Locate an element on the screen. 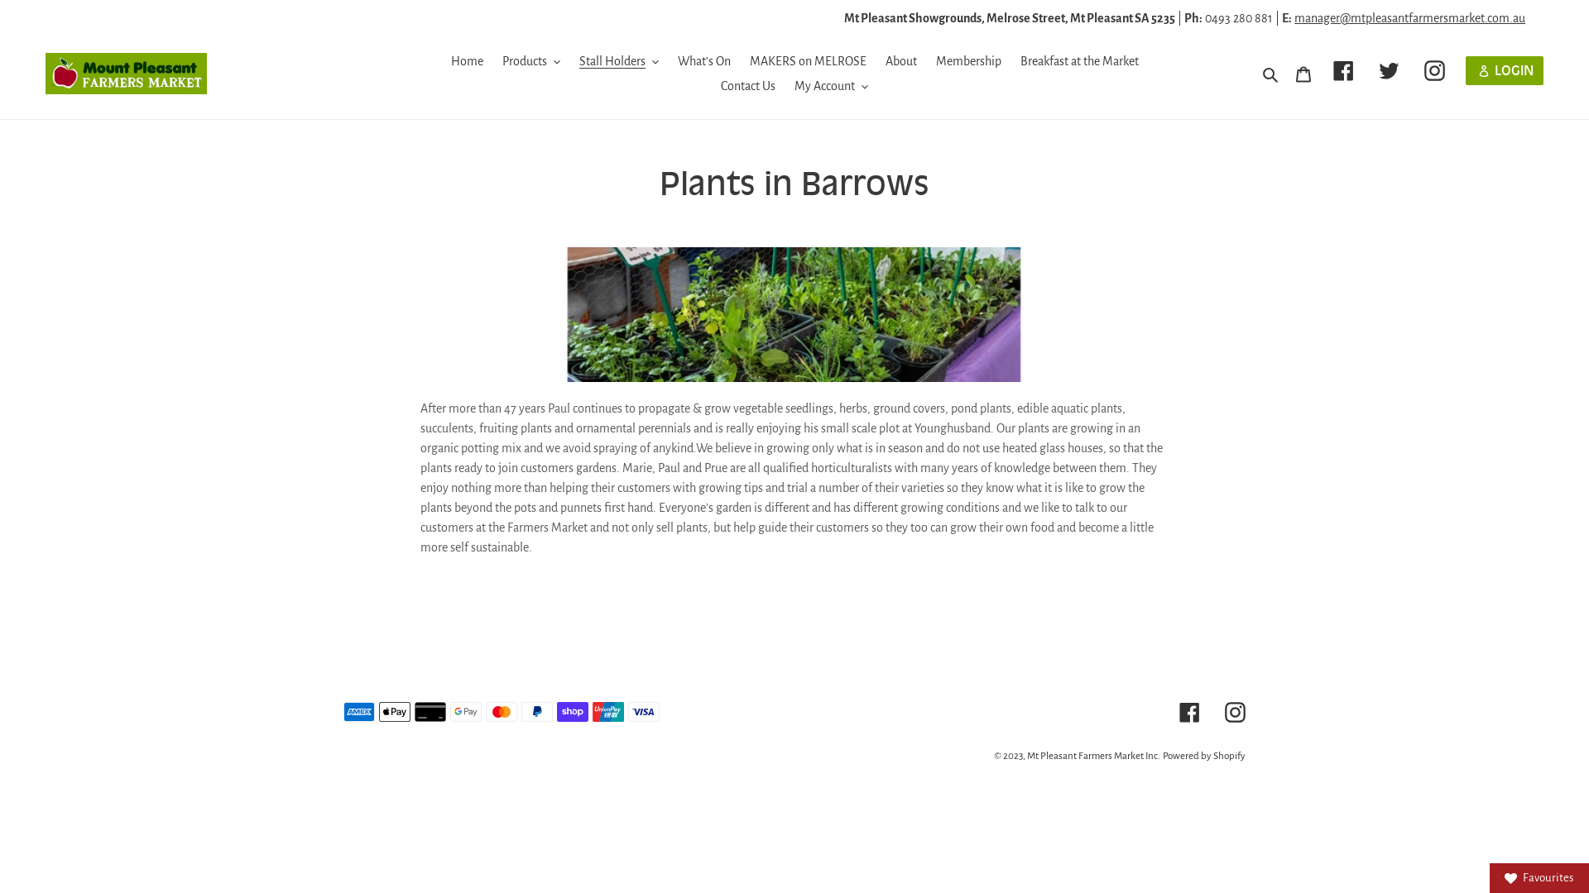 The height and width of the screenshot is (893, 1589). 'Contact Us' is located at coordinates (746, 86).